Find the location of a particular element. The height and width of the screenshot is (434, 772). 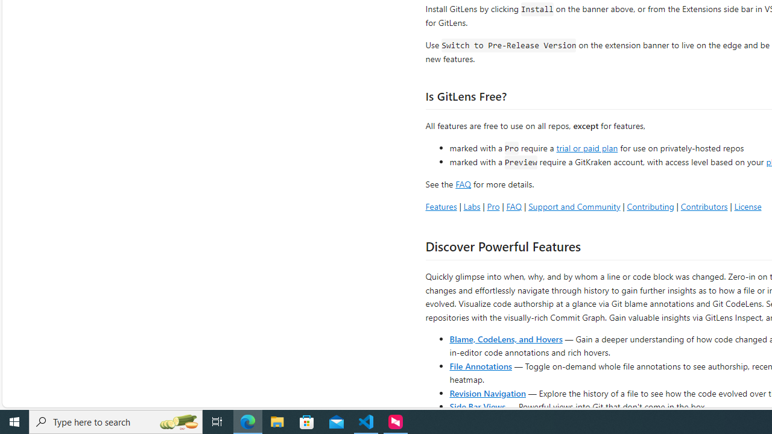

'Contributors' is located at coordinates (704, 206).